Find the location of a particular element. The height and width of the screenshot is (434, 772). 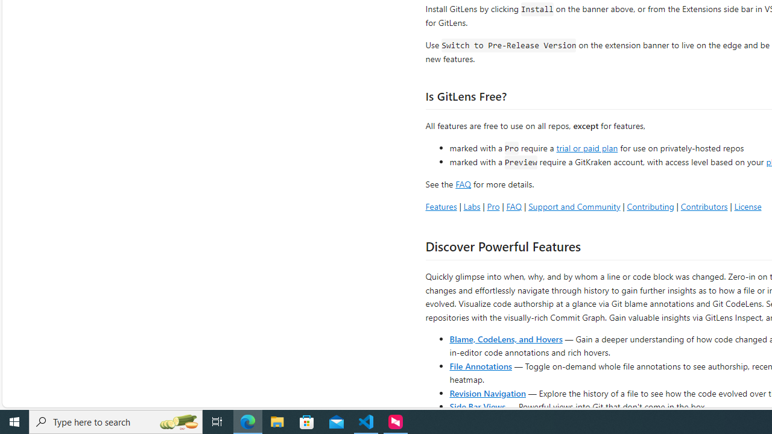

'Contributors' is located at coordinates (704, 206).